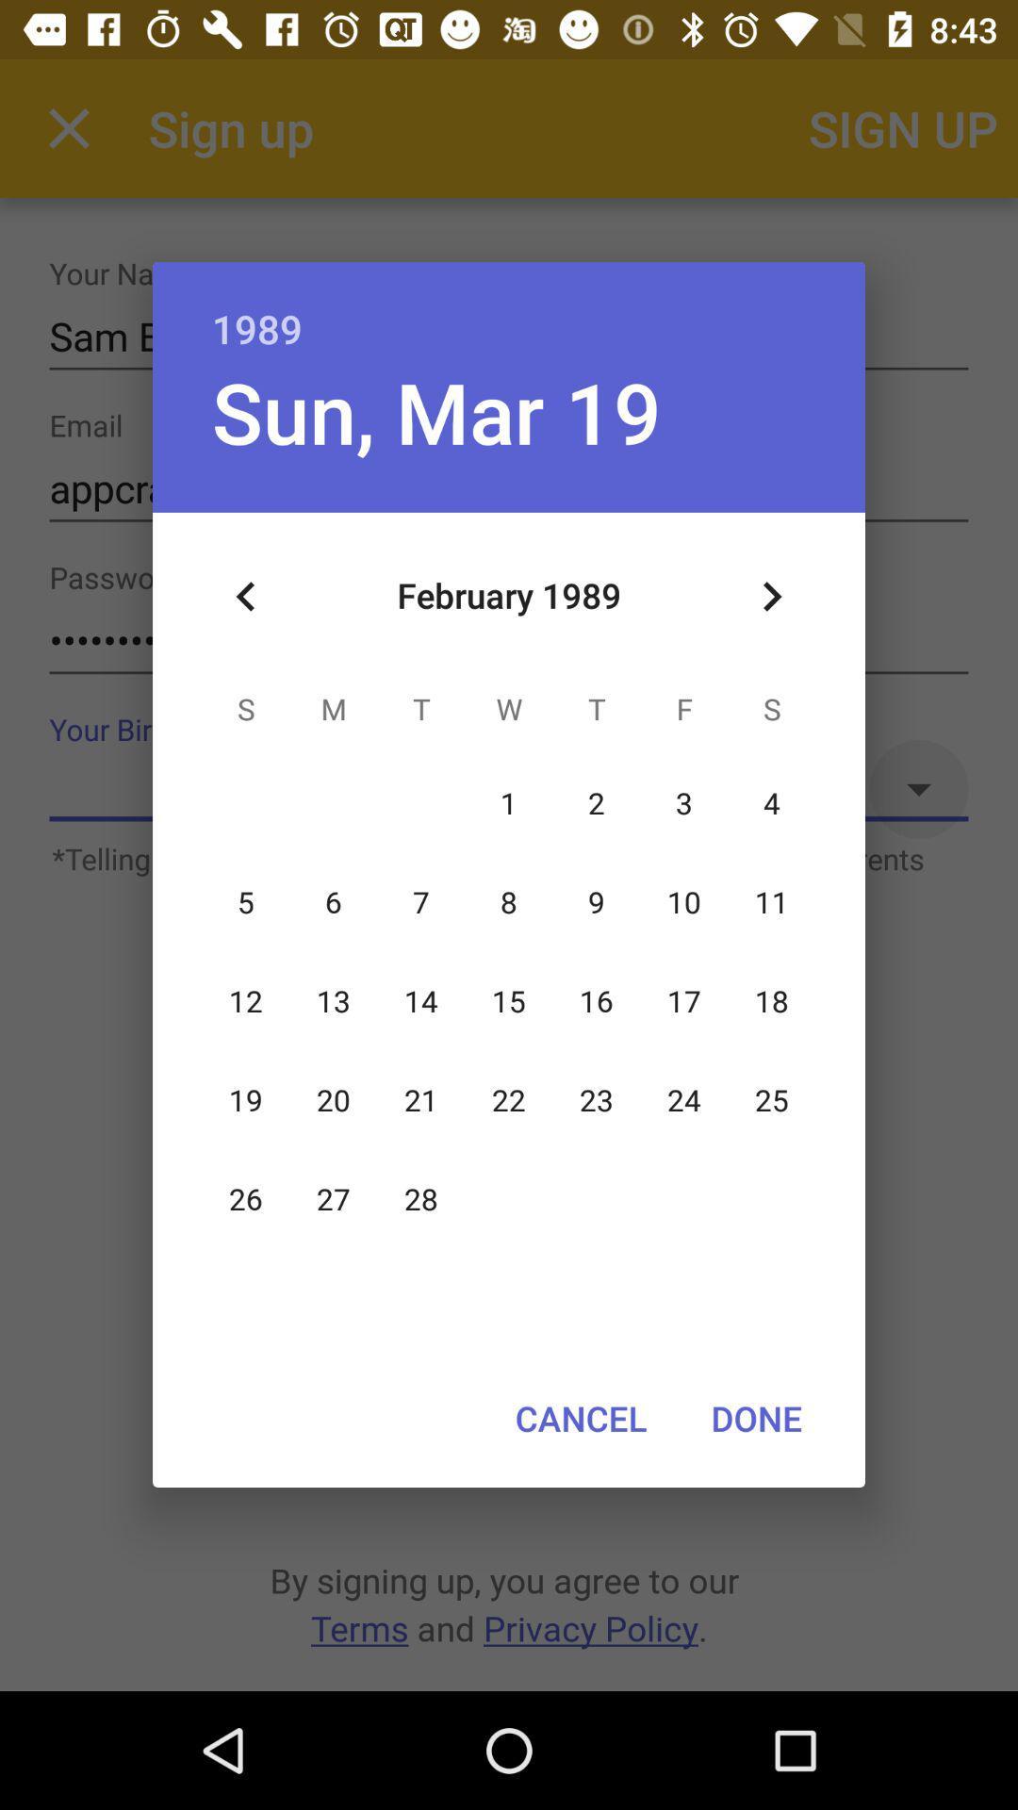 This screenshot has width=1018, height=1810. What do you see at coordinates (755, 1418) in the screenshot?
I see `item at the bottom right corner` at bounding box center [755, 1418].